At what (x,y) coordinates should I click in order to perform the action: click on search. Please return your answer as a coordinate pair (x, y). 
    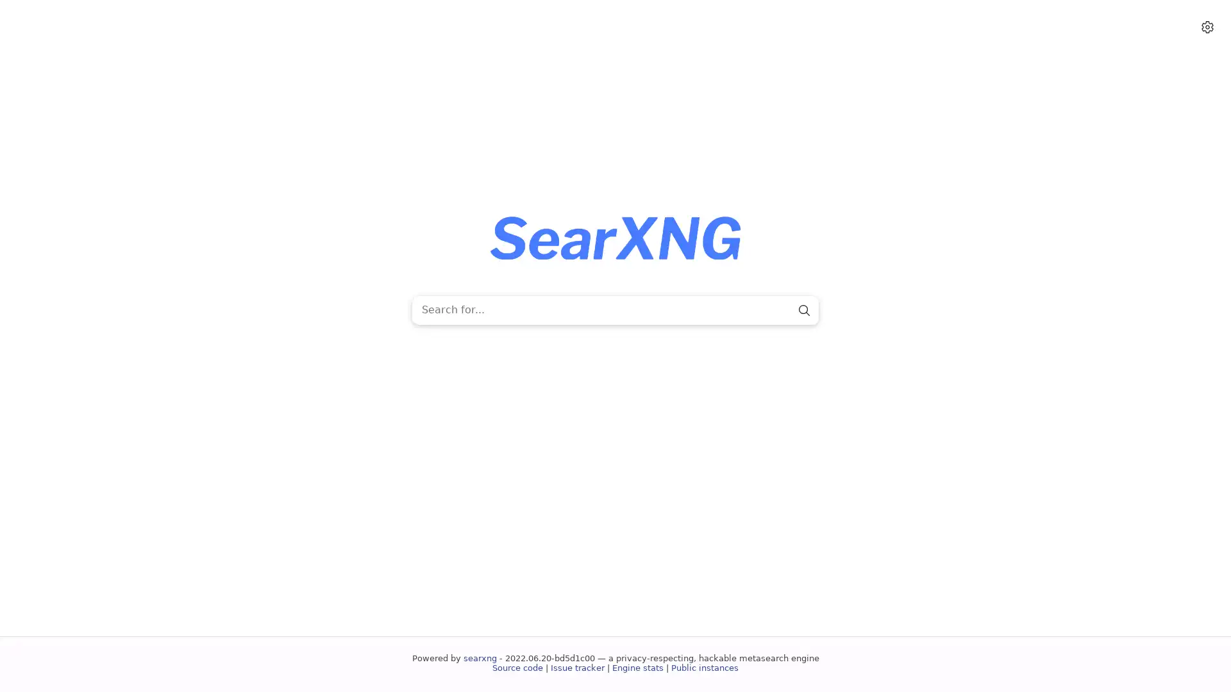
    Looking at the image, I should click on (803, 309).